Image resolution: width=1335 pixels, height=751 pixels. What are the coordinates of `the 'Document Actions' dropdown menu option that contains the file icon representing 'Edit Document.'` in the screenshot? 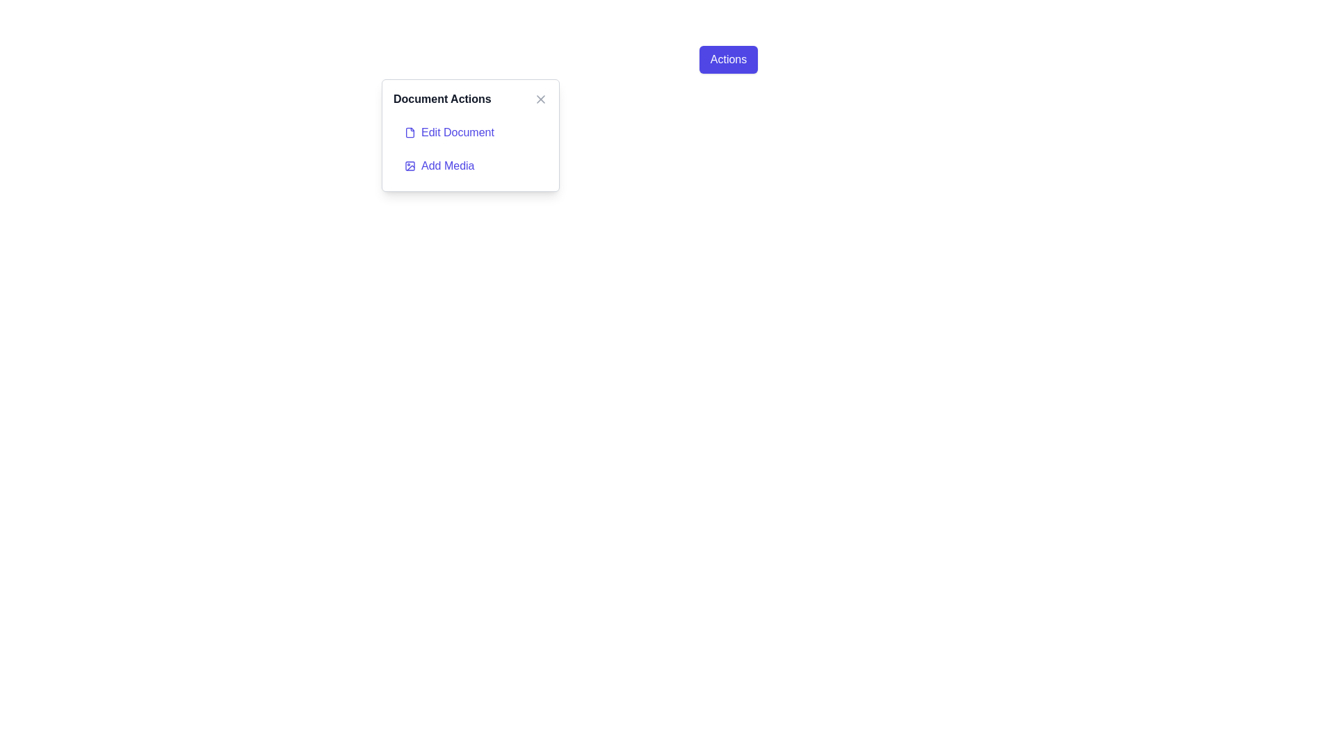 It's located at (410, 133).